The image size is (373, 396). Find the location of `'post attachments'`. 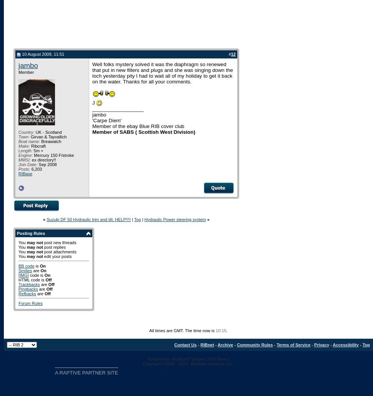

'post attachments' is located at coordinates (42, 251).